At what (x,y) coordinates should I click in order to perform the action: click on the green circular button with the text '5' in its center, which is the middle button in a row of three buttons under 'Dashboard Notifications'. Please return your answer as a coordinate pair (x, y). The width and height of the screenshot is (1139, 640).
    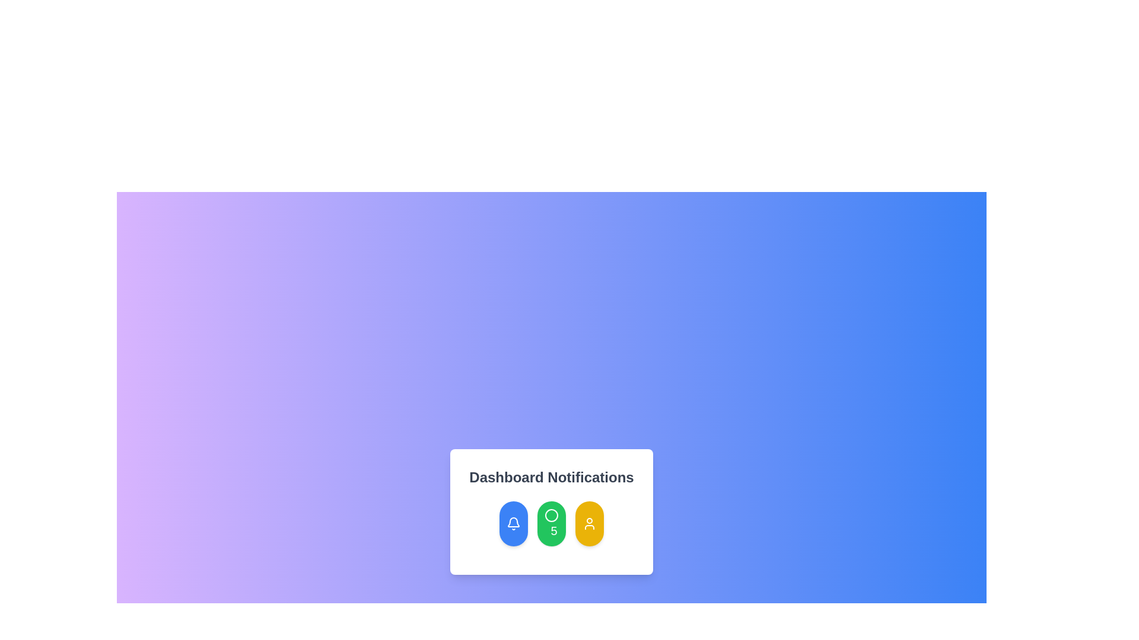
    Looking at the image, I should click on (551, 523).